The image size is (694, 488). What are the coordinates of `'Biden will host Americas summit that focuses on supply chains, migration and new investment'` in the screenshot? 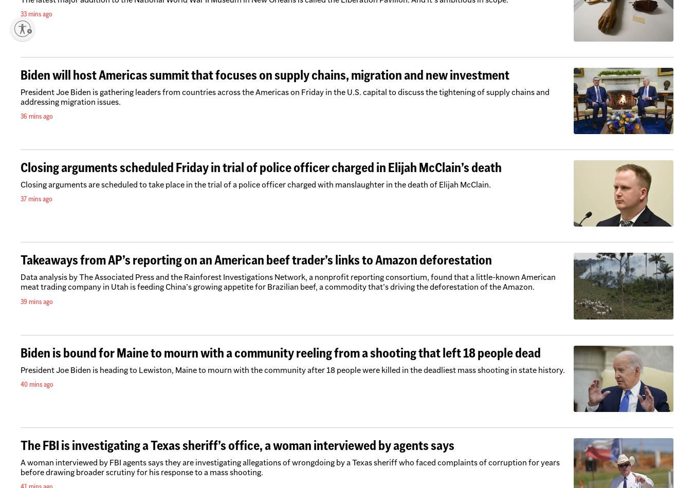 It's located at (264, 75).